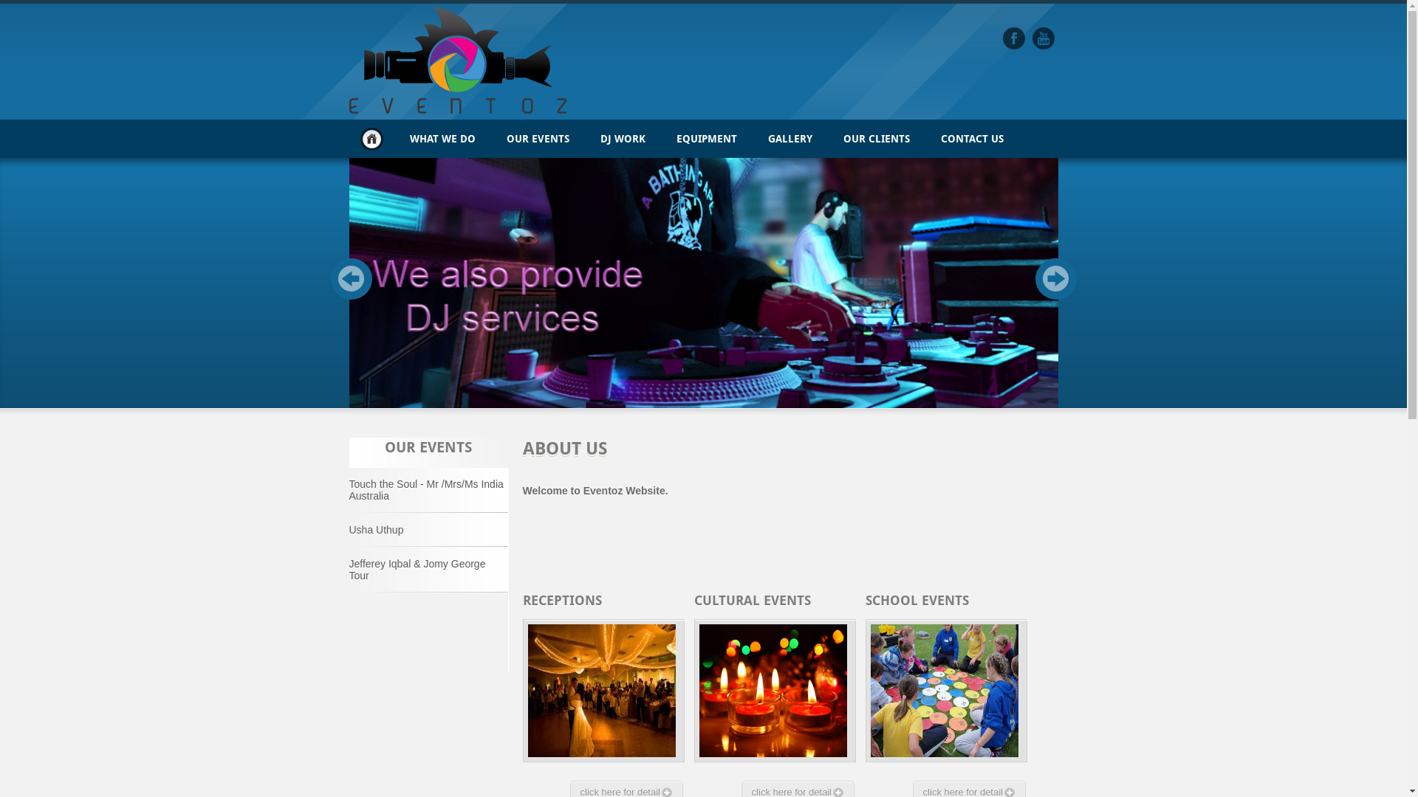 Image resolution: width=1418 pixels, height=797 pixels. What do you see at coordinates (875, 139) in the screenshot?
I see `'OUR CLIENTS'` at bounding box center [875, 139].